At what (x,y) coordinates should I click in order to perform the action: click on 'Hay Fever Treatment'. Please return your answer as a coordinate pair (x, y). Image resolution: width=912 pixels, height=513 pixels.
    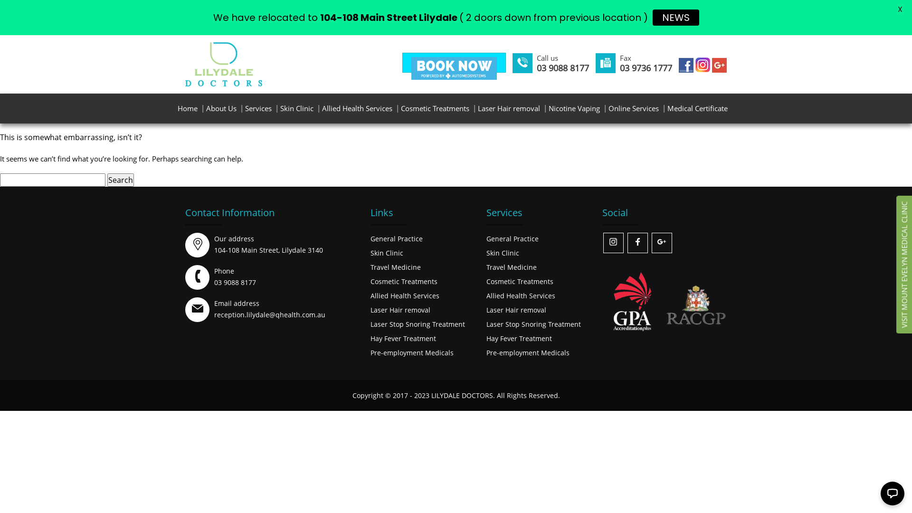
    Looking at the image, I should click on (403, 338).